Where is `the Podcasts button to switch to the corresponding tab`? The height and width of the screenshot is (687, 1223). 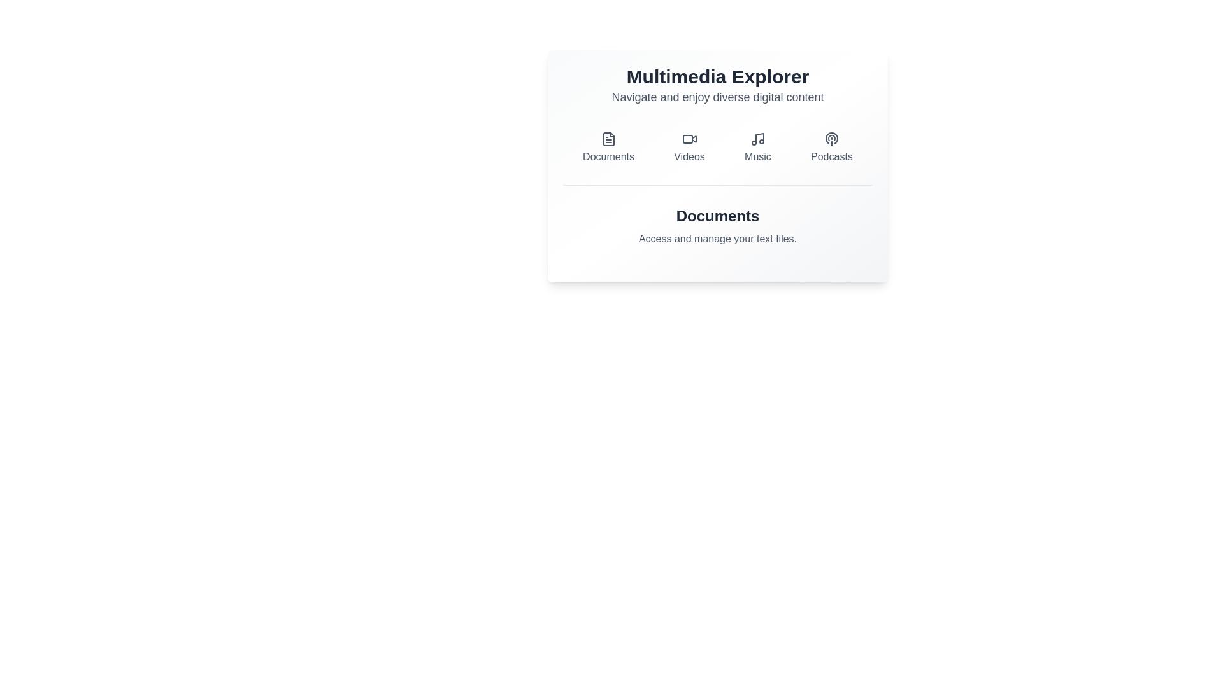
the Podcasts button to switch to the corresponding tab is located at coordinates (831, 147).